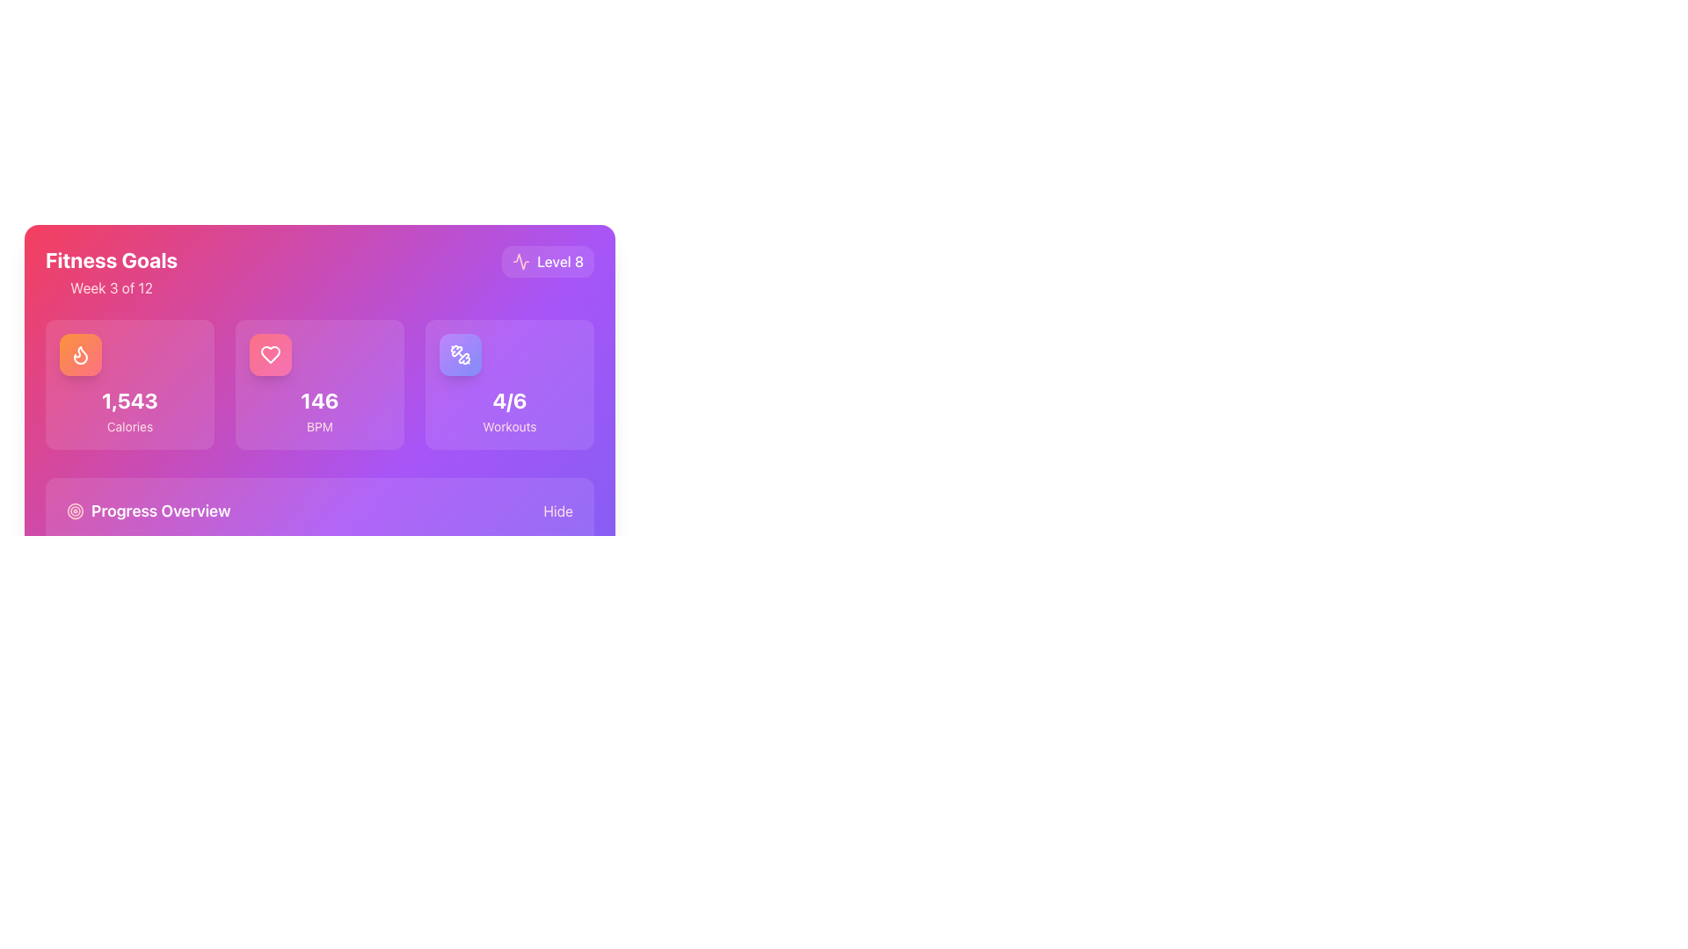 This screenshot has width=1688, height=949. I want to click on the 'Calories' icon located in the top-left card of the dashboard interface, which is centered above the text 'Calories' and the value '1,543', so click(79, 355).